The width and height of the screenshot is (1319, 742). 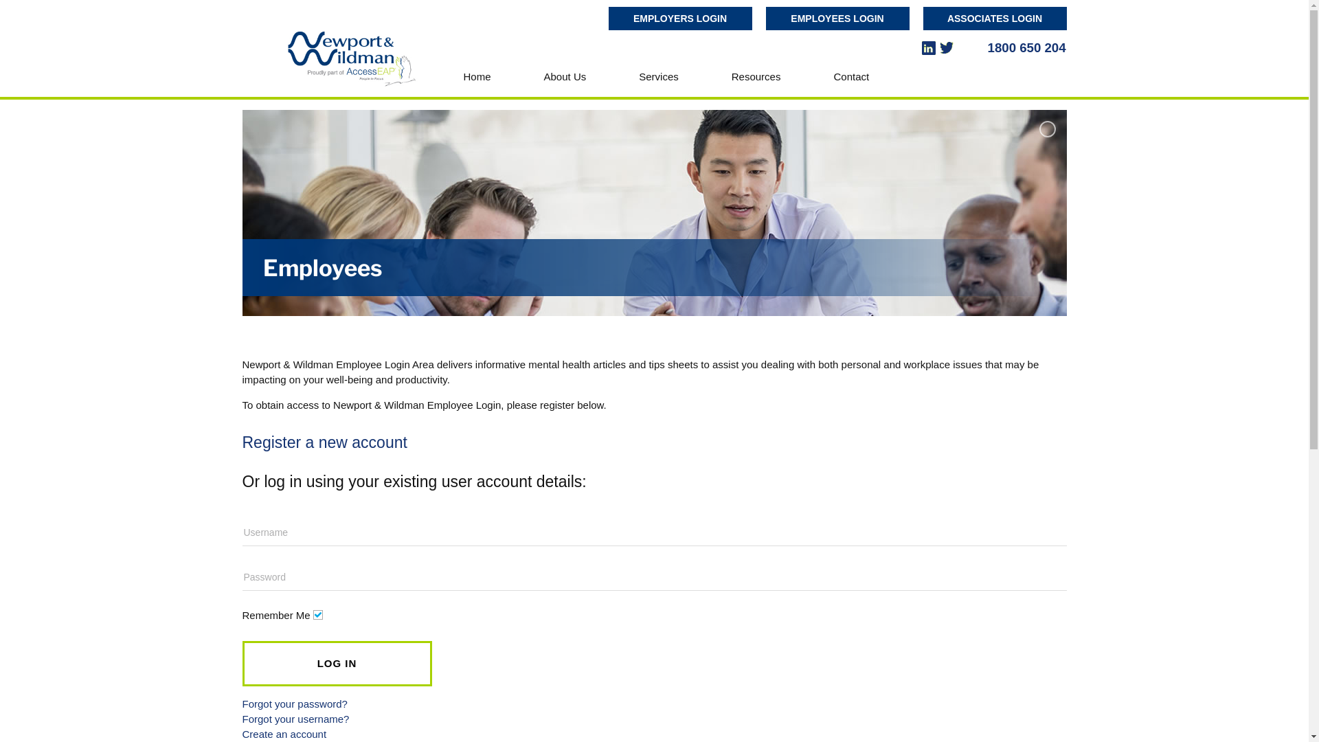 What do you see at coordinates (1026, 47) in the screenshot?
I see `'1800 650 204'` at bounding box center [1026, 47].